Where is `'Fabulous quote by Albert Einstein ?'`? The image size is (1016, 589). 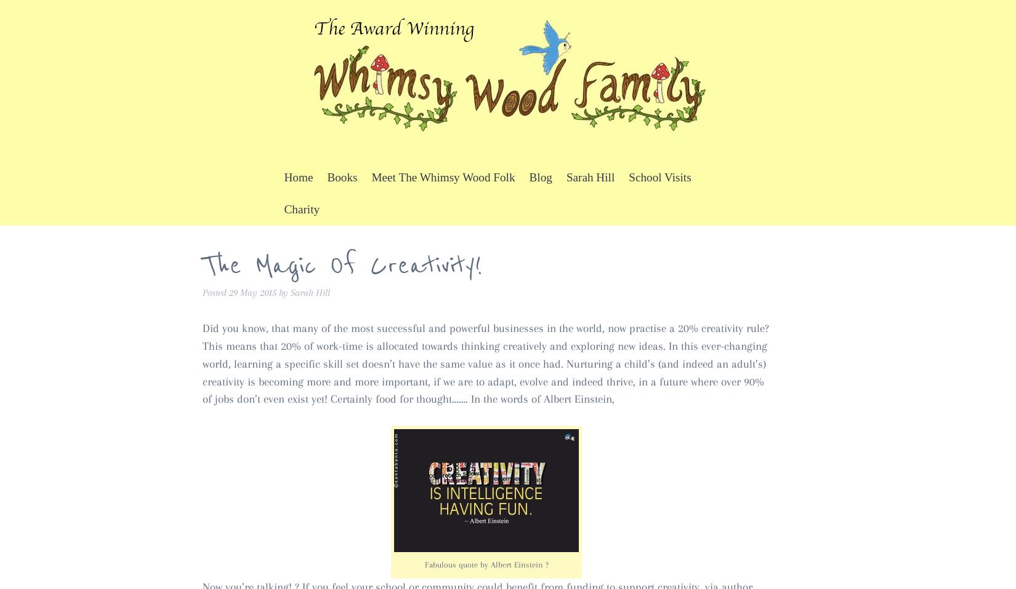
'Fabulous quote by Albert Einstein ?' is located at coordinates (485, 564).